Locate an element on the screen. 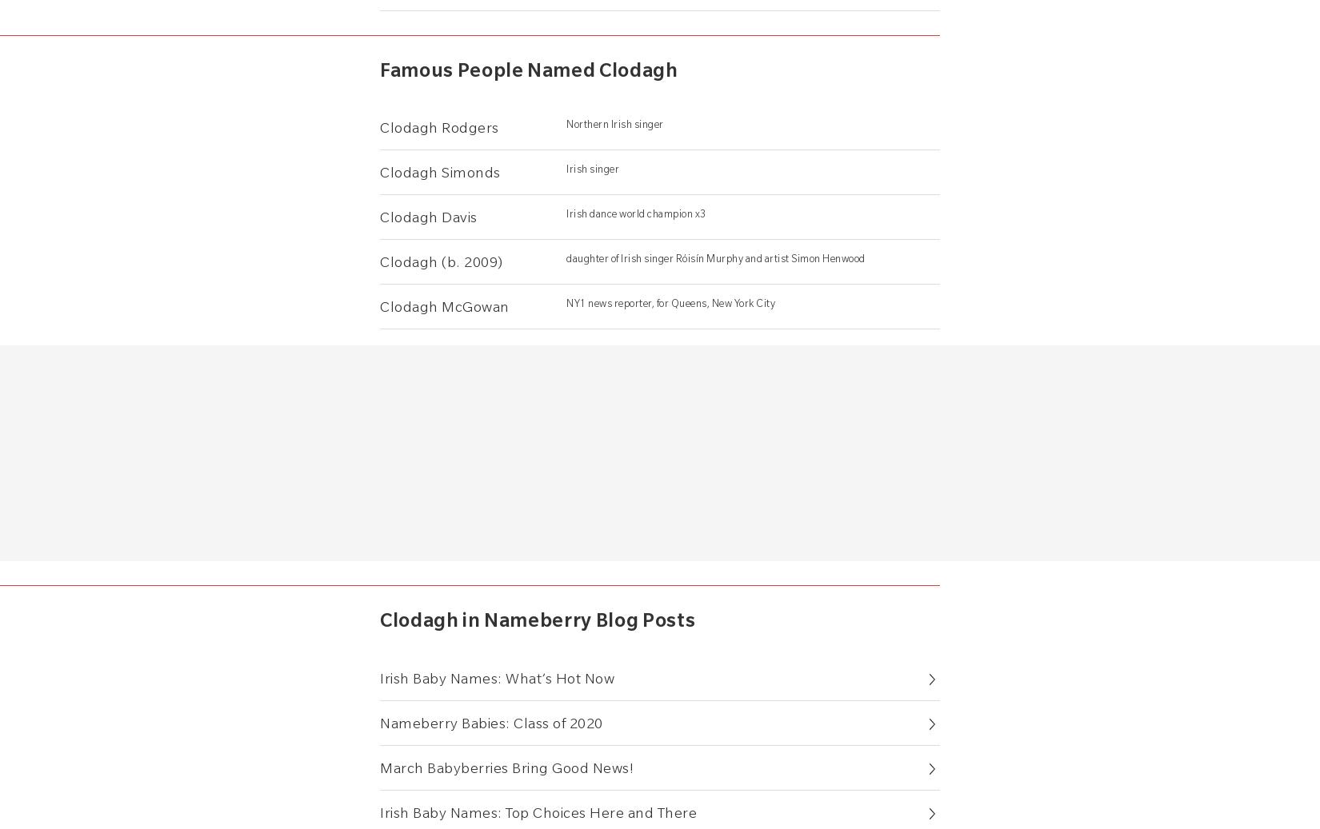  'Famous People Named' is located at coordinates (488, 68).